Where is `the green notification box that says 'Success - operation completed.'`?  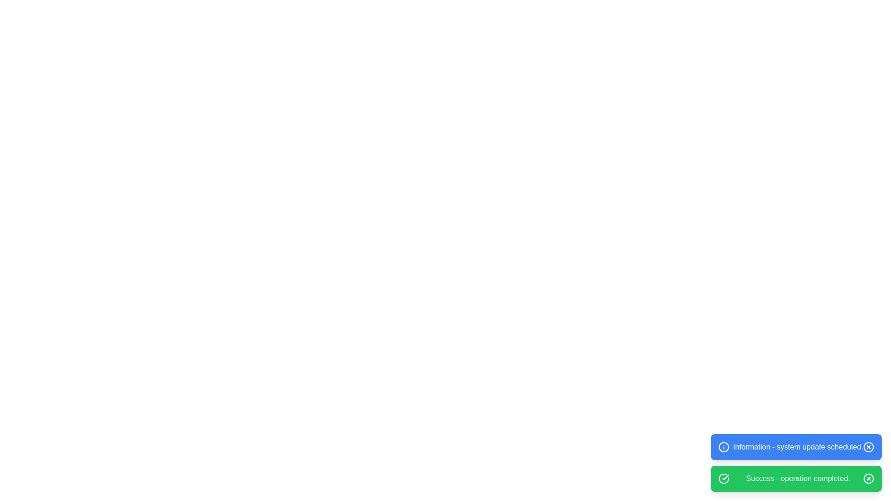
the green notification box that says 'Success - operation completed.' is located at coordinates (795, 479).